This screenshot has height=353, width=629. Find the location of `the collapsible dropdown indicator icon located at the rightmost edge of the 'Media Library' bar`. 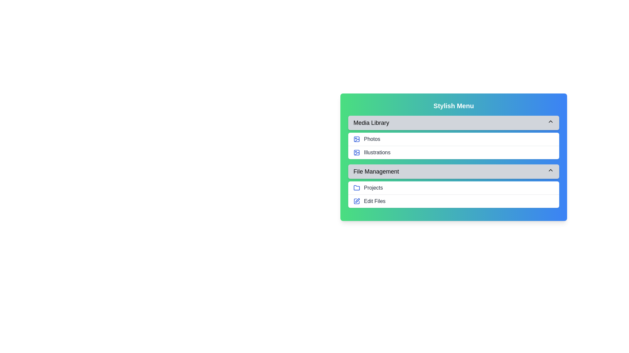

the collapsible dropdown indicator icon located at the rightmost edge of the 'Media Library' bar is located at coordinates (550, 121).